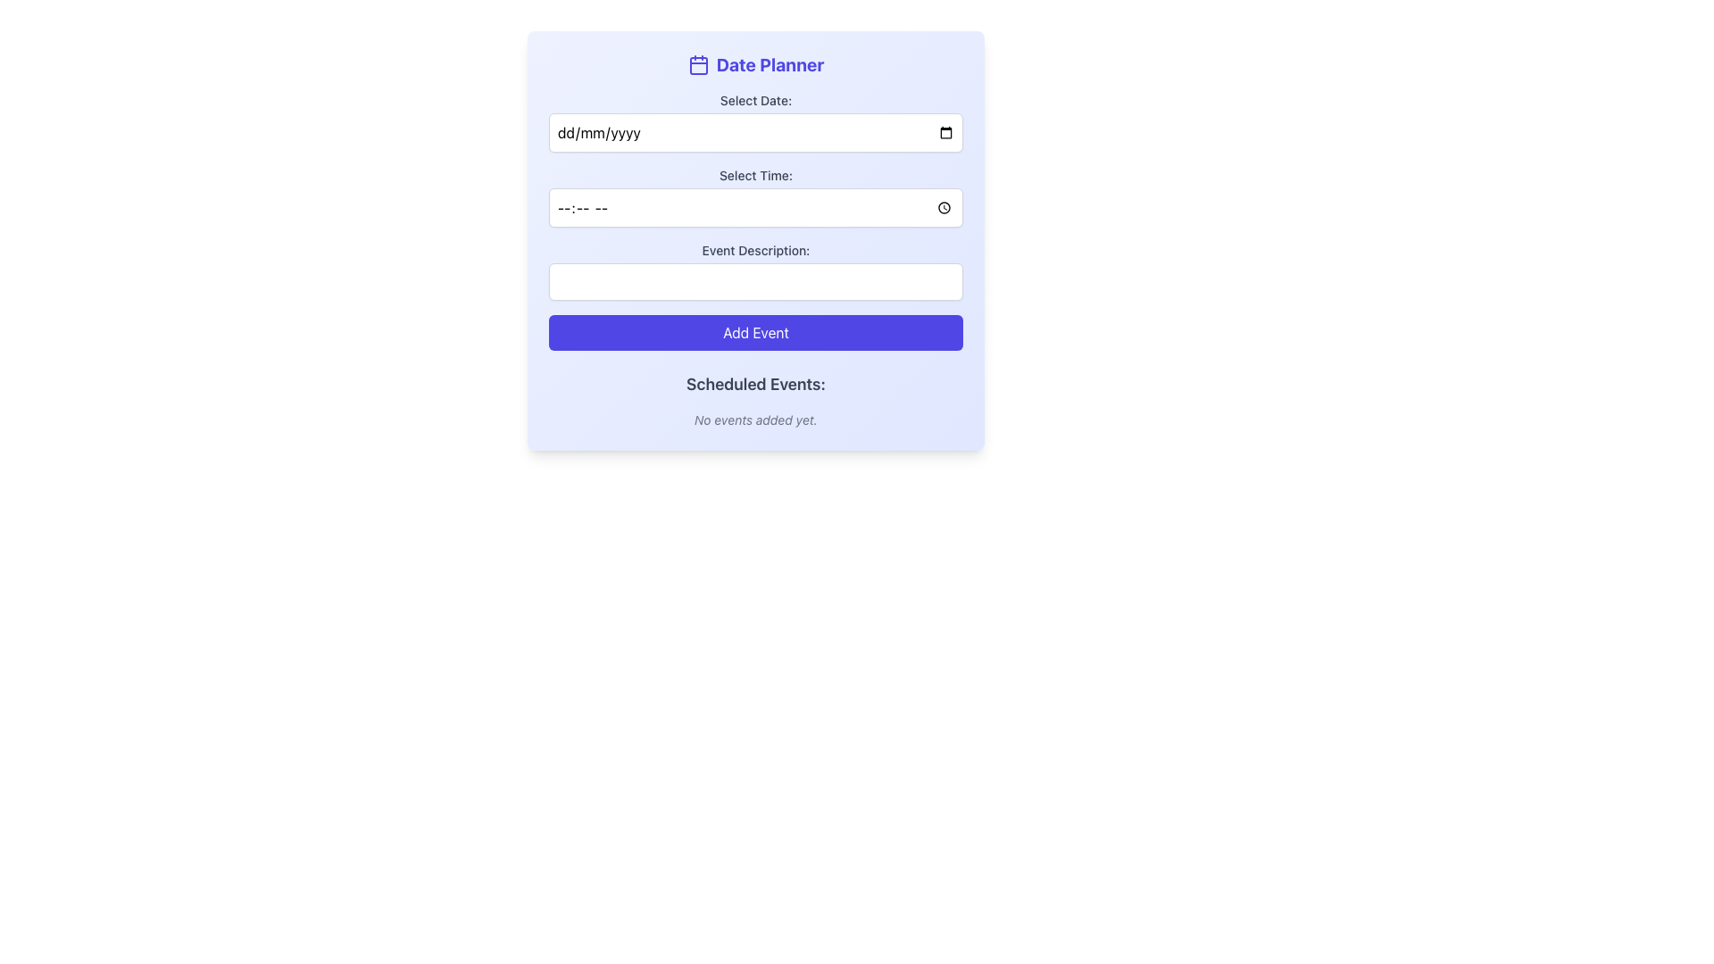 The width and height of the screenshot is (1714, 964). What do you see at coordinates (755, 333) in the screenshot?
I see `the 'Add Event' button located in the bottom section of the 'Date Planner' card, directly below the 'Event Description' input area` at bounding box center [755, 333].